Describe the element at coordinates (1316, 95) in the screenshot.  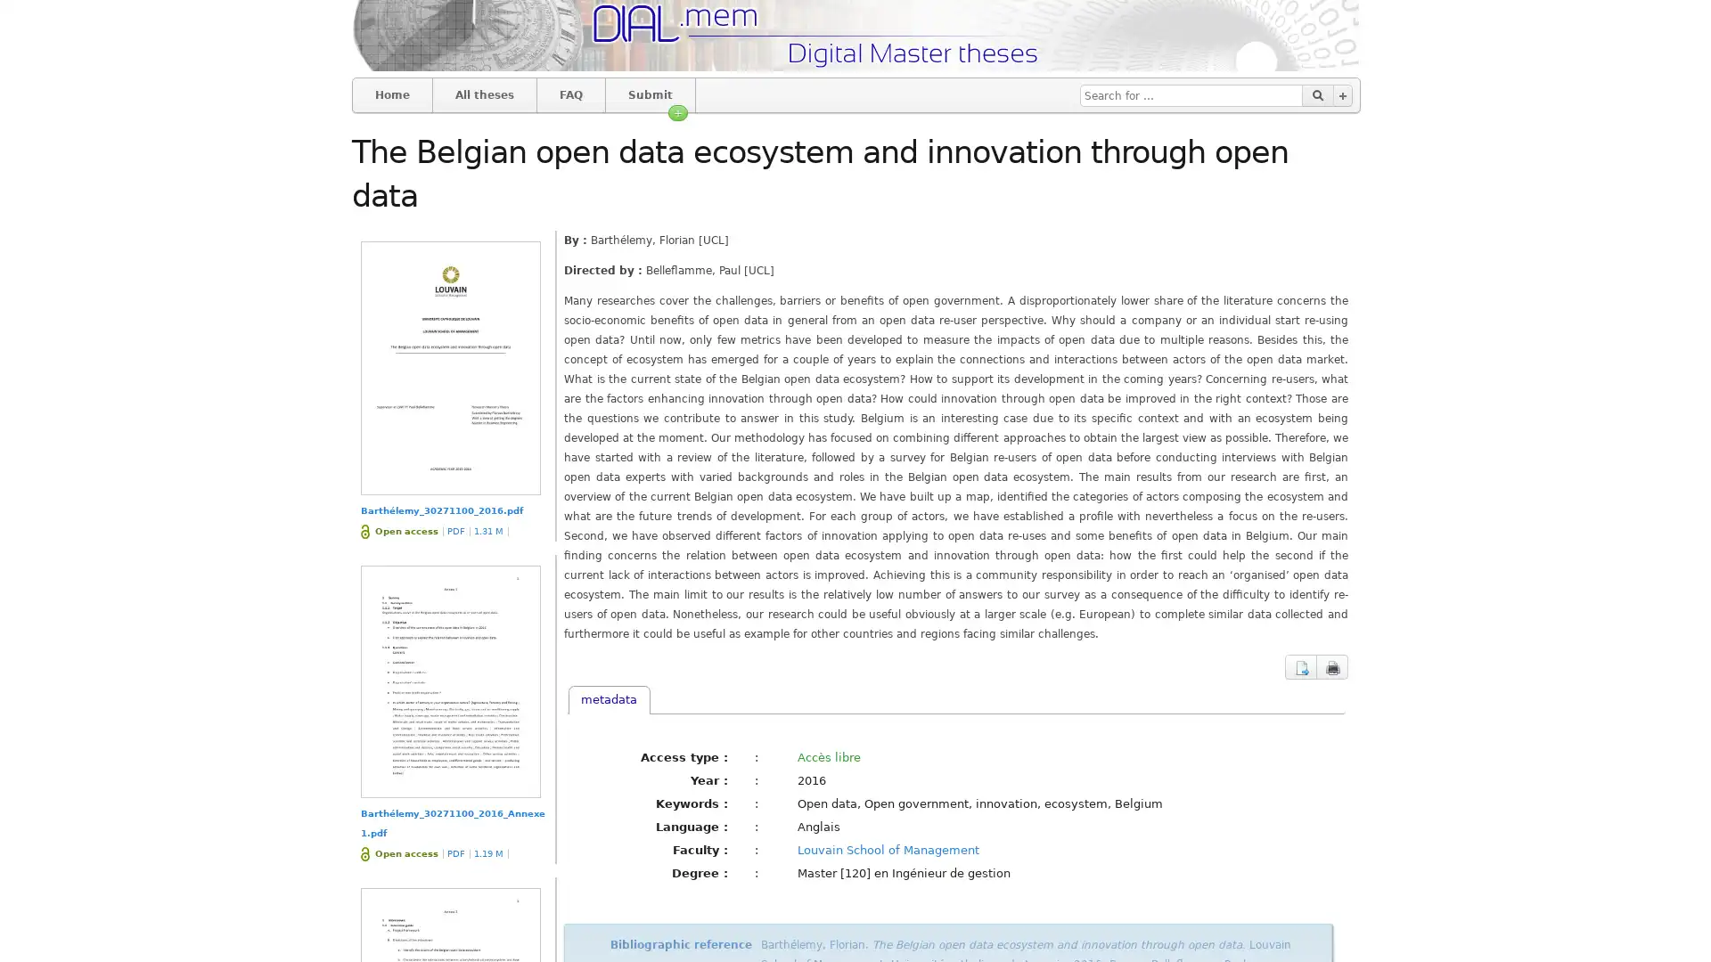
I see `Go` at that location.